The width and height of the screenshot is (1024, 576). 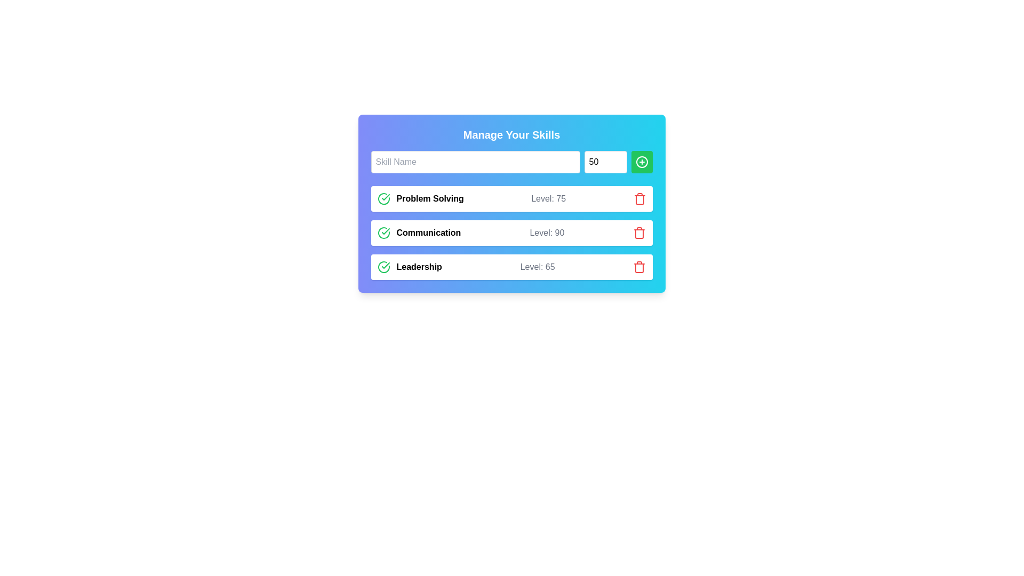 I want to click on the 'Leadership' skill entry, which features a green circular checkmark icon followed by the text in bold sans-serif font, indicating a completed status, so click(x=409, y=267).